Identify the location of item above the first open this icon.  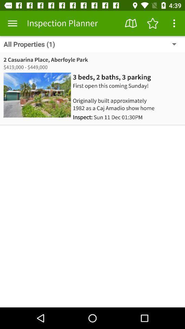
(112, 77).